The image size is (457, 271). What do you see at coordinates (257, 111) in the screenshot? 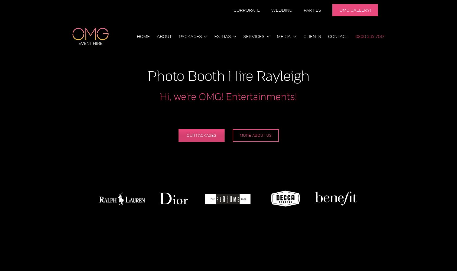
I see `'your email is safe with us.'` at bounding box center [257, 111].